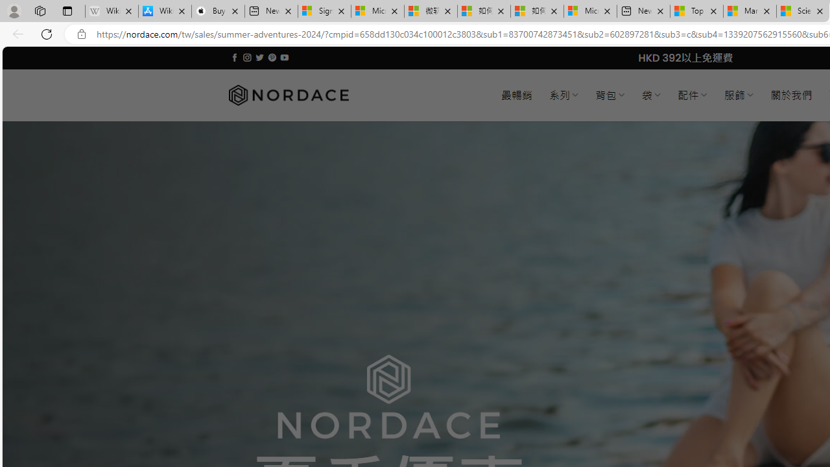 This screenshot has width=830, height=467. Describe the element at coordinates (247, 57) in the screenshot. I see `'Follow on Instagram'` at that location.